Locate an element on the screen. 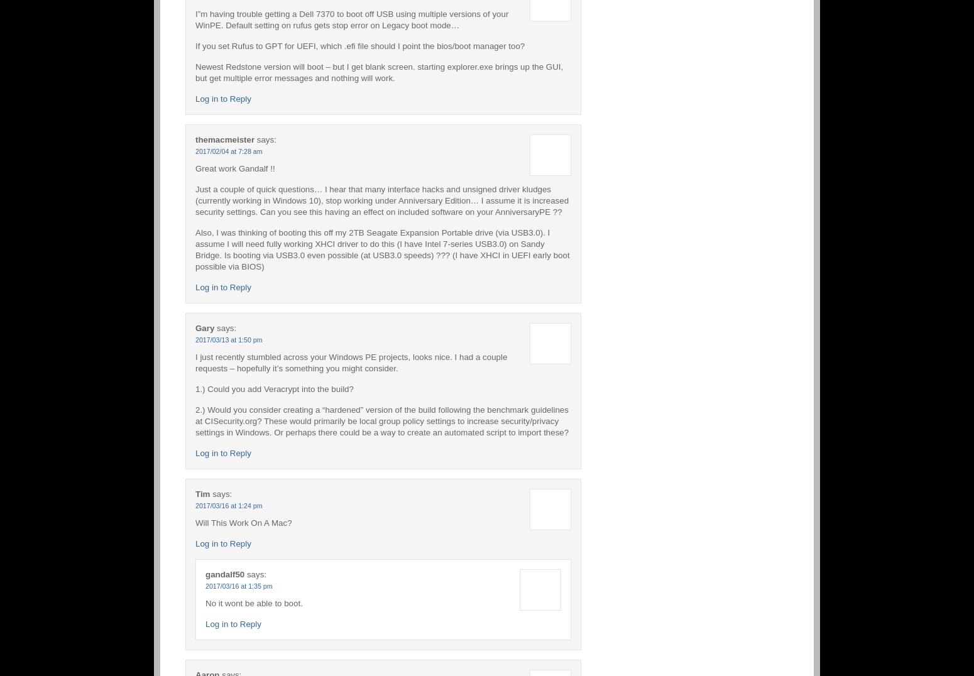  'Tim' is located at coordinates (202, 493).